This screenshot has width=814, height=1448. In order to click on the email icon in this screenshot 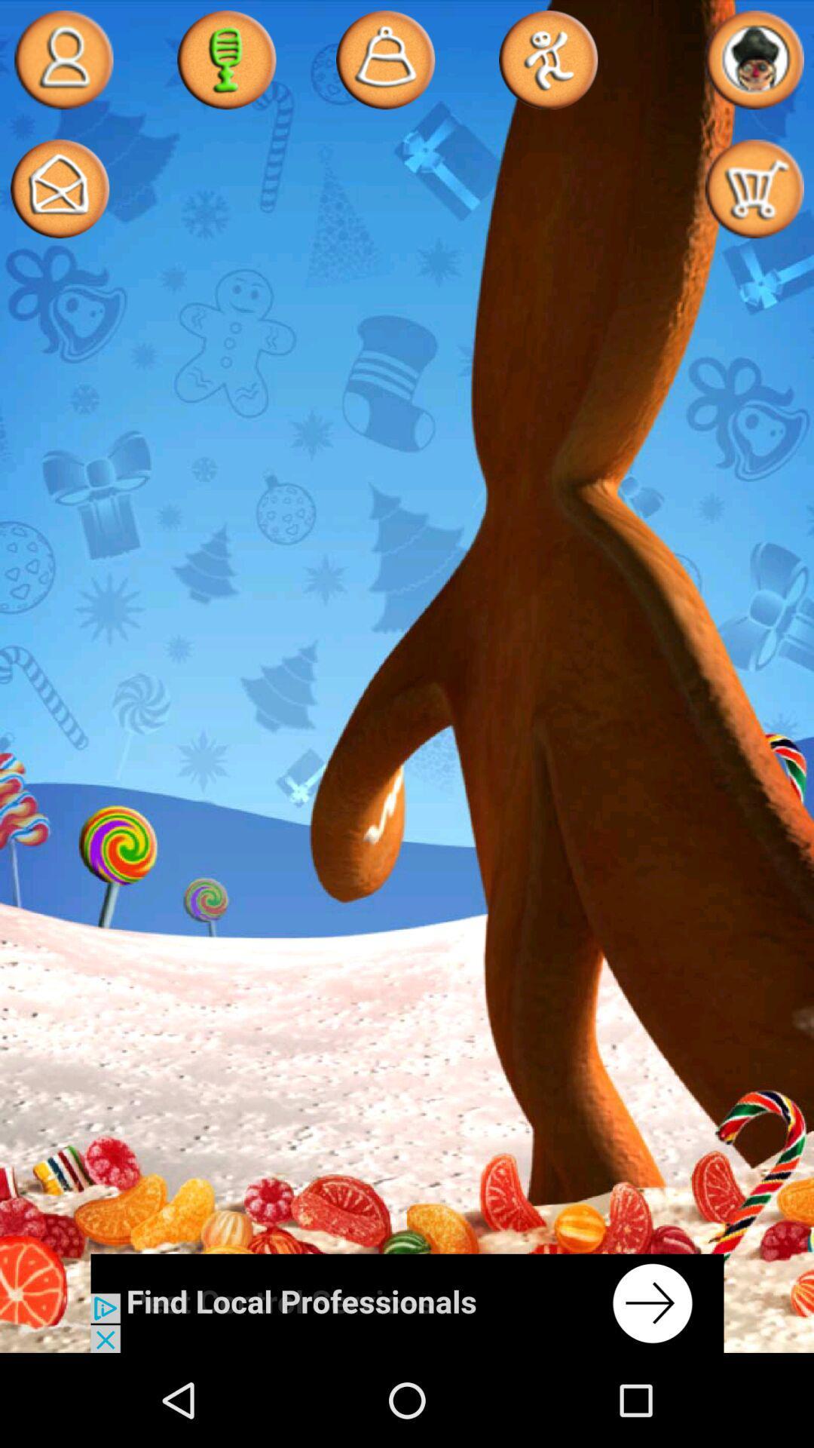, I will do `click(59, 201)`.